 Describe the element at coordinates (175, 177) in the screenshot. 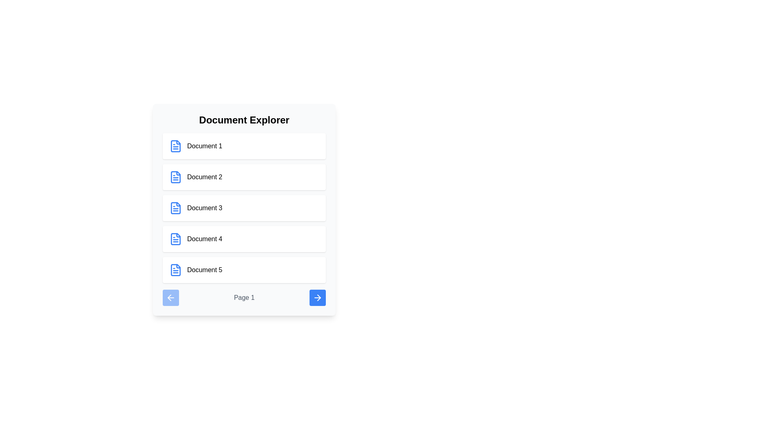

I see `the document icon, which is a blue linear outline styled graphic representing a document, located to the left of the text 'Document 2' within the second list item` at that location.